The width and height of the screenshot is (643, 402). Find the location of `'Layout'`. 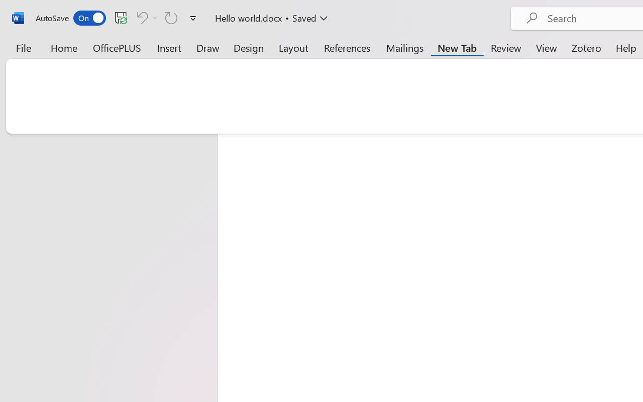

'Layout' is located at coordinates (293, 47).